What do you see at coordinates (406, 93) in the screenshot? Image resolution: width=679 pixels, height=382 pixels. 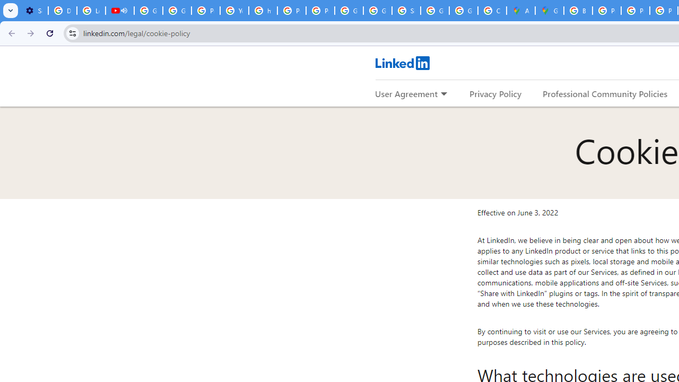 I see `'User Agreement'` at bounding box center [406, 93].